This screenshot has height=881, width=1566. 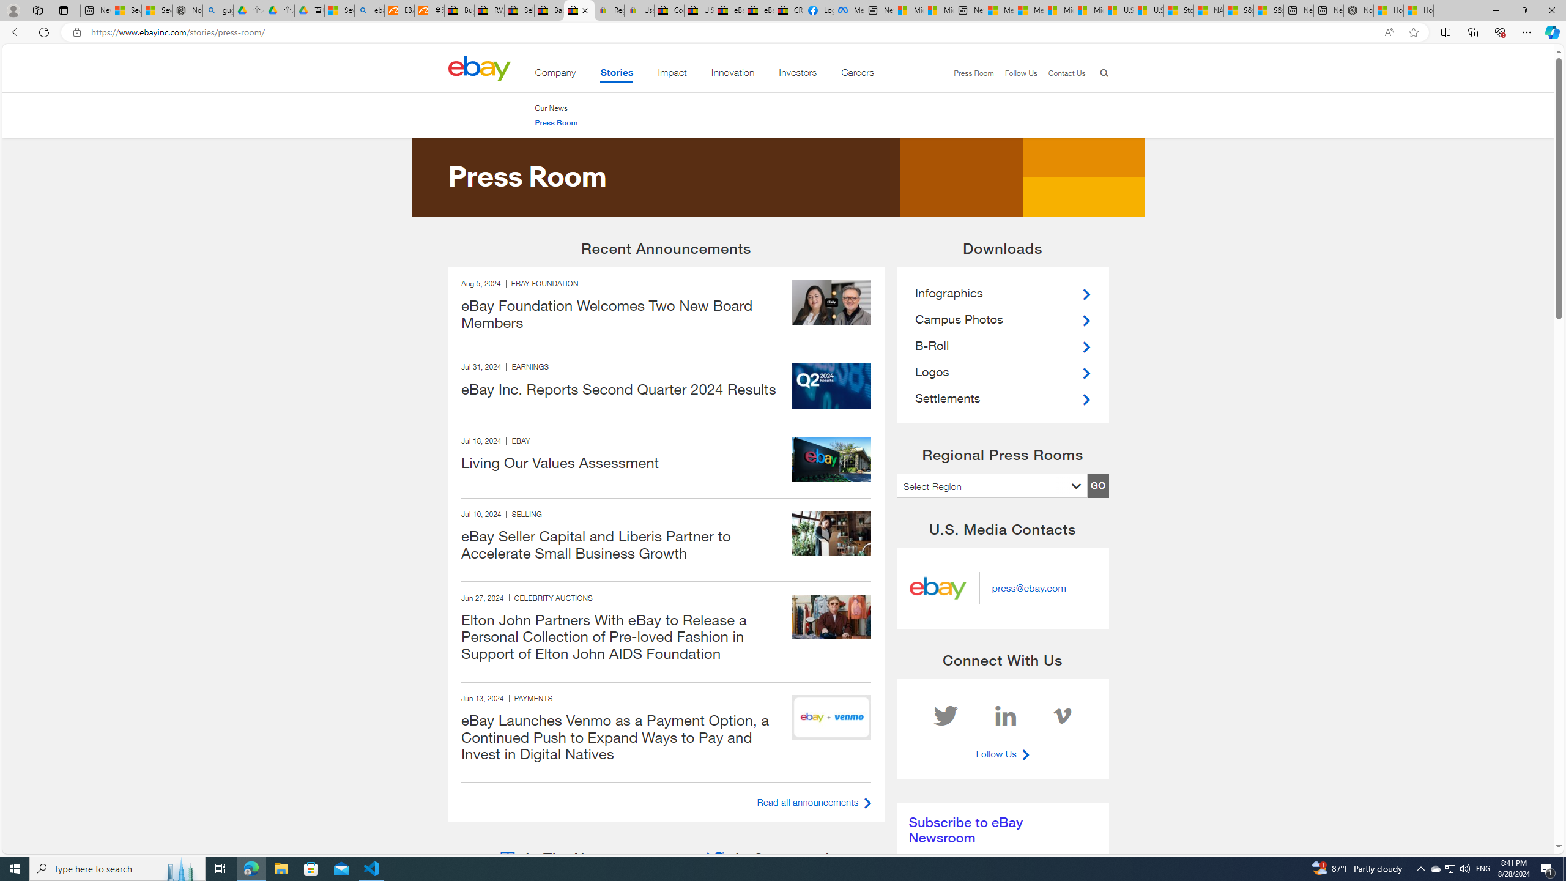 What do you see at coordinates (831, 302) in the screenshot?
I see `'240725 BoardMembers announcement v1 inc 1600x900 image B1'` at bounding box center [831, 302].